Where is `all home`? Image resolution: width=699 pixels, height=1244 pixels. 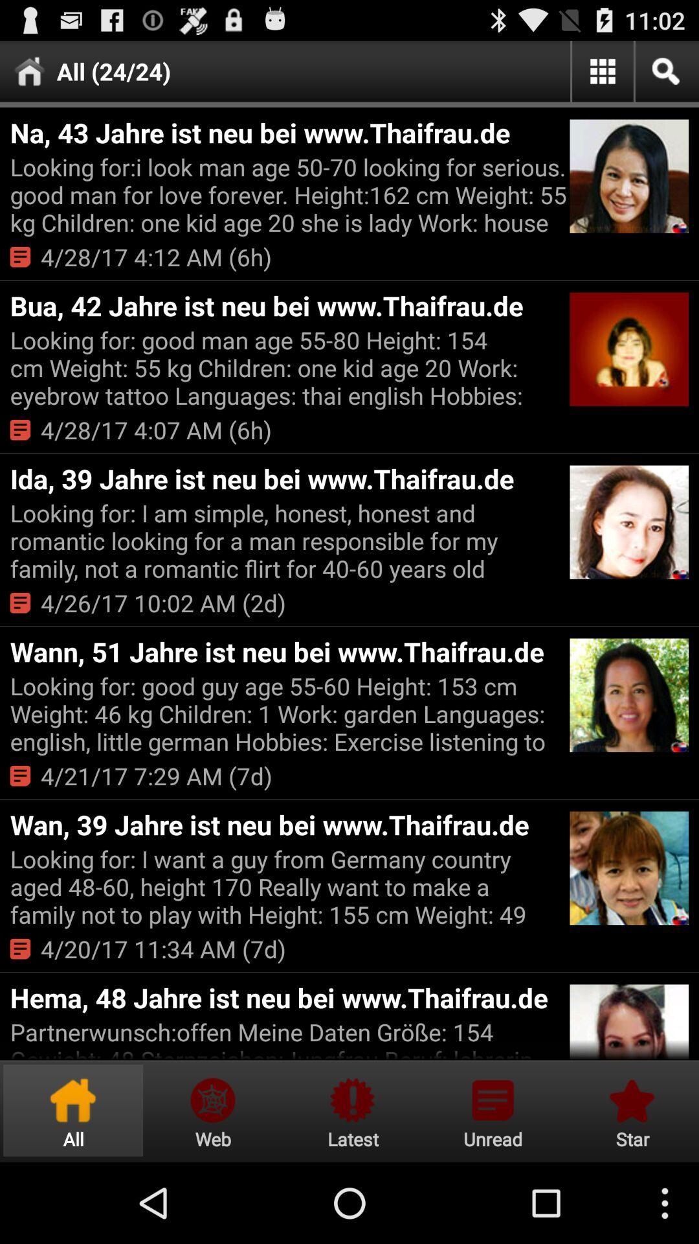
all home is located at coordinates (73, 1110).